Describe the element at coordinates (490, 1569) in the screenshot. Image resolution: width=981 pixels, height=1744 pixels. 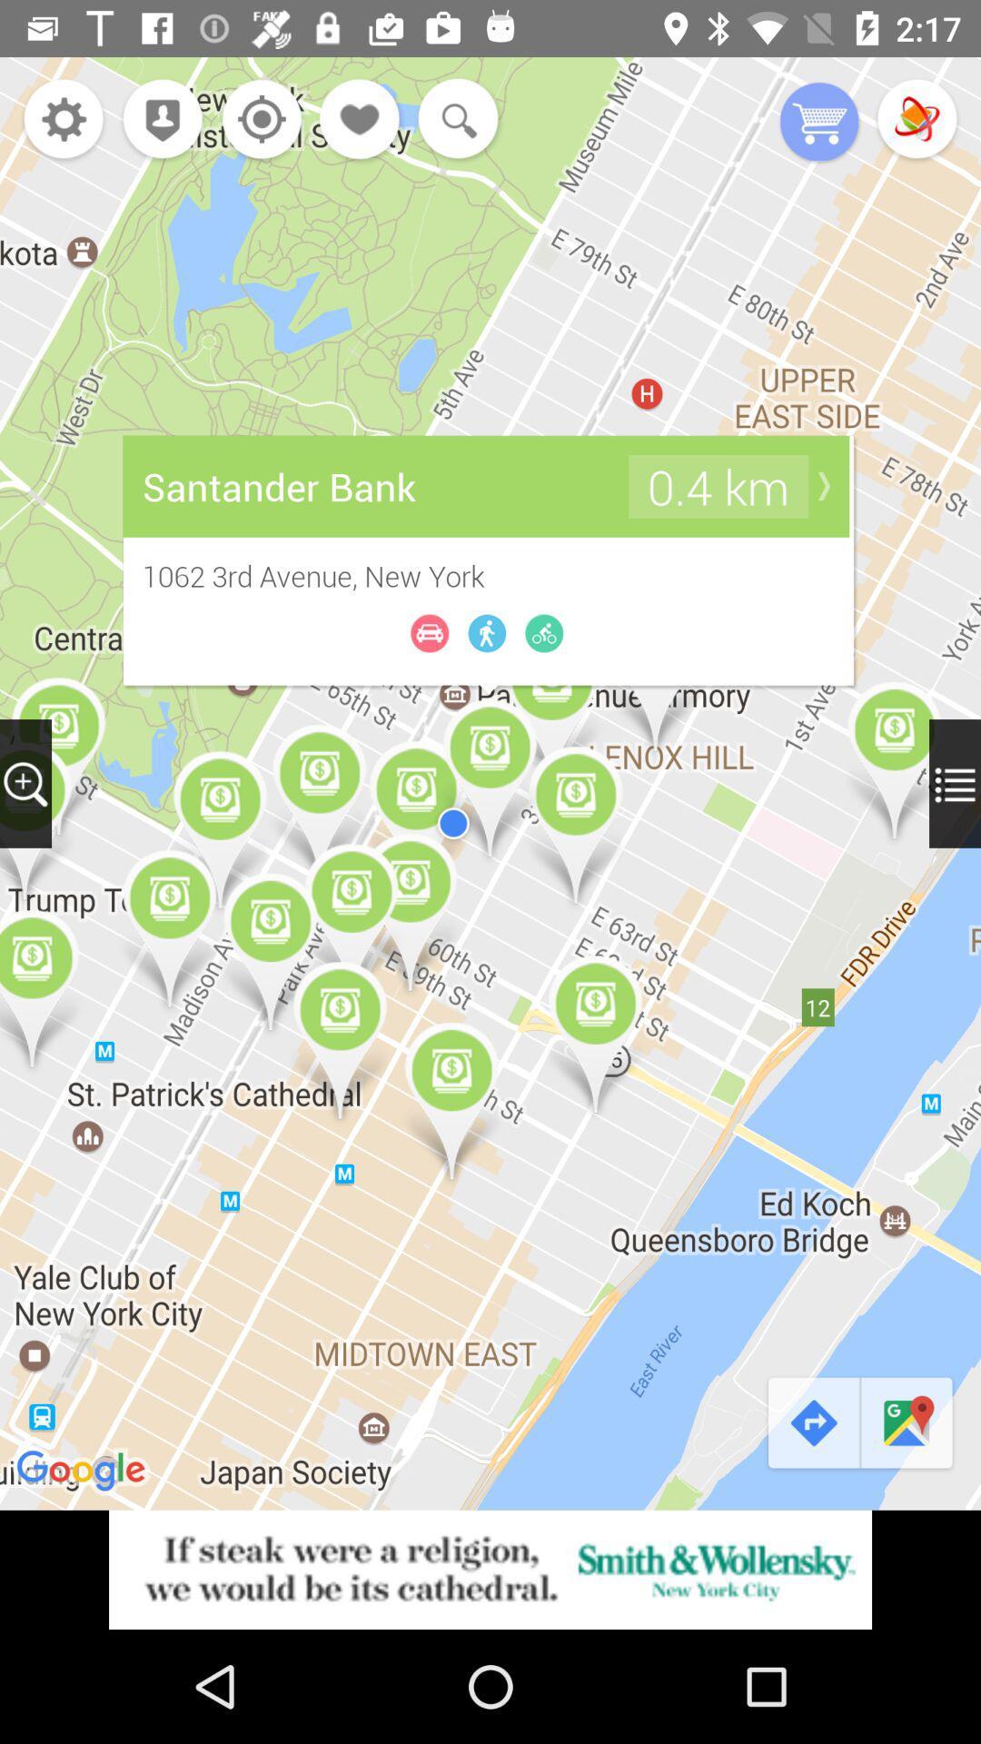
I see `click advertisement` at that location.